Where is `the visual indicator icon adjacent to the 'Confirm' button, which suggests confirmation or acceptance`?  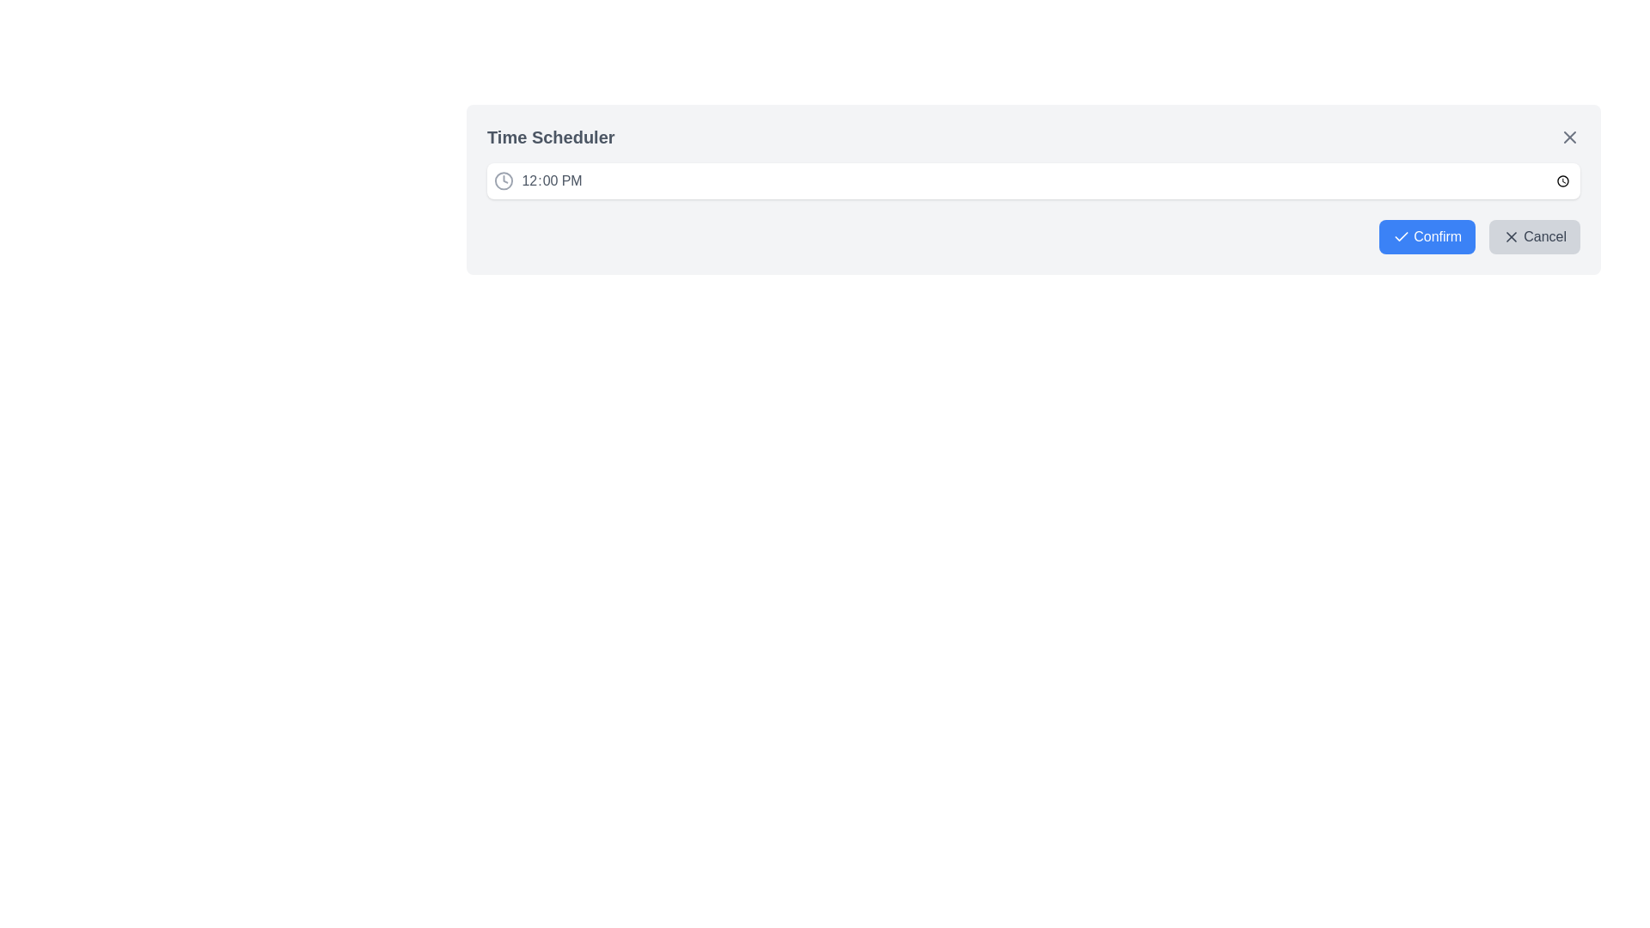
the visual indicator icon adjacent to the 'Confirm' button, which suggests confirmation or acceptance is located at coordinates (1402, 237).